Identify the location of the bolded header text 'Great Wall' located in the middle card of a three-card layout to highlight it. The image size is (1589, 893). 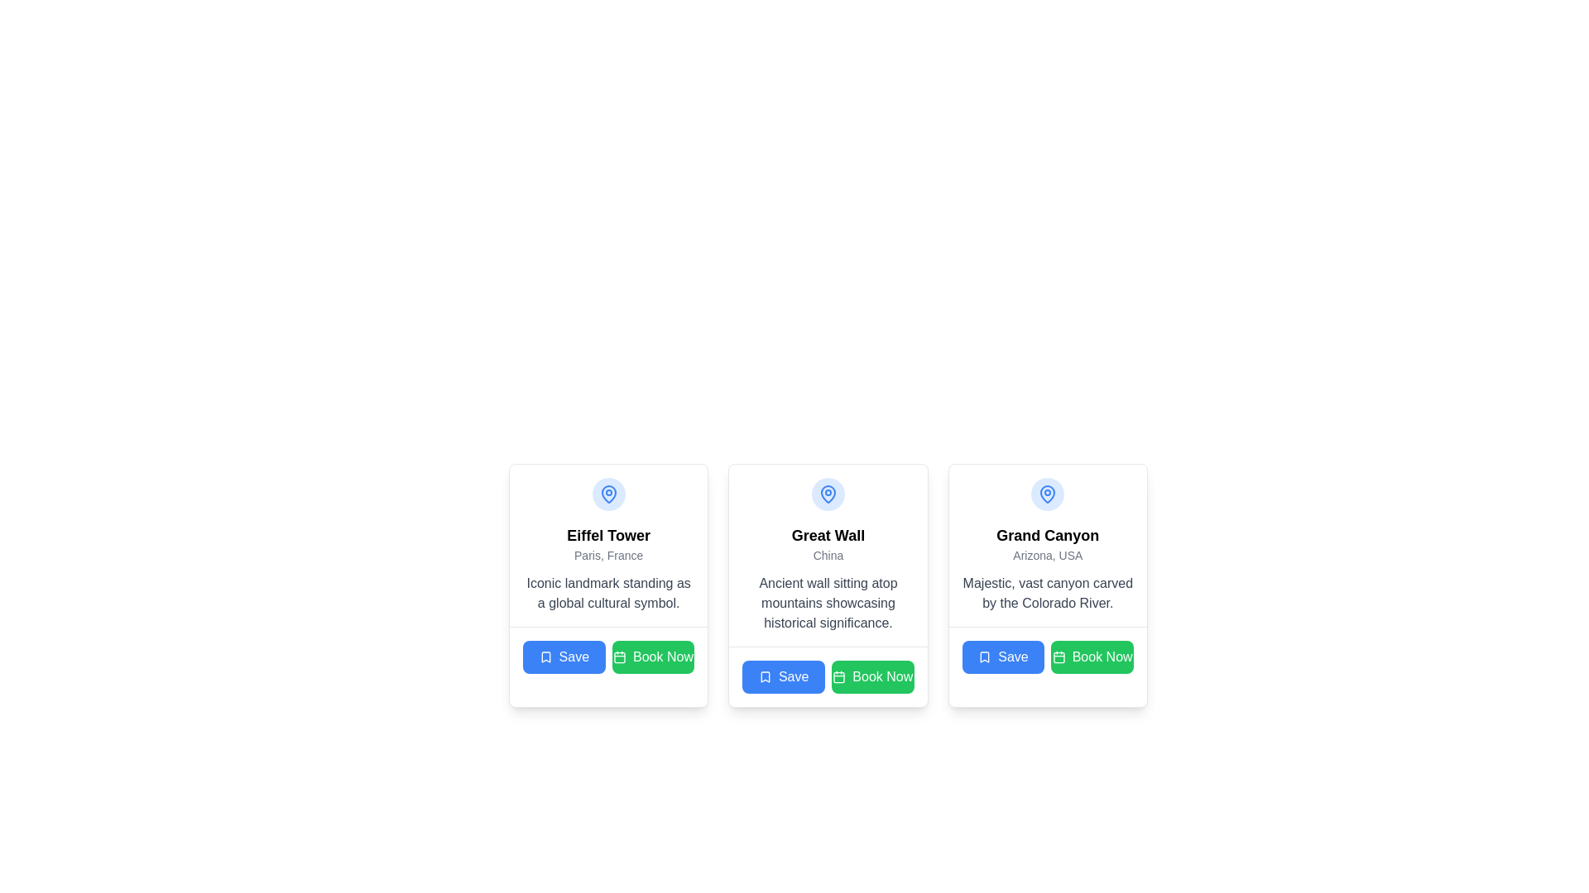
(827, 536).